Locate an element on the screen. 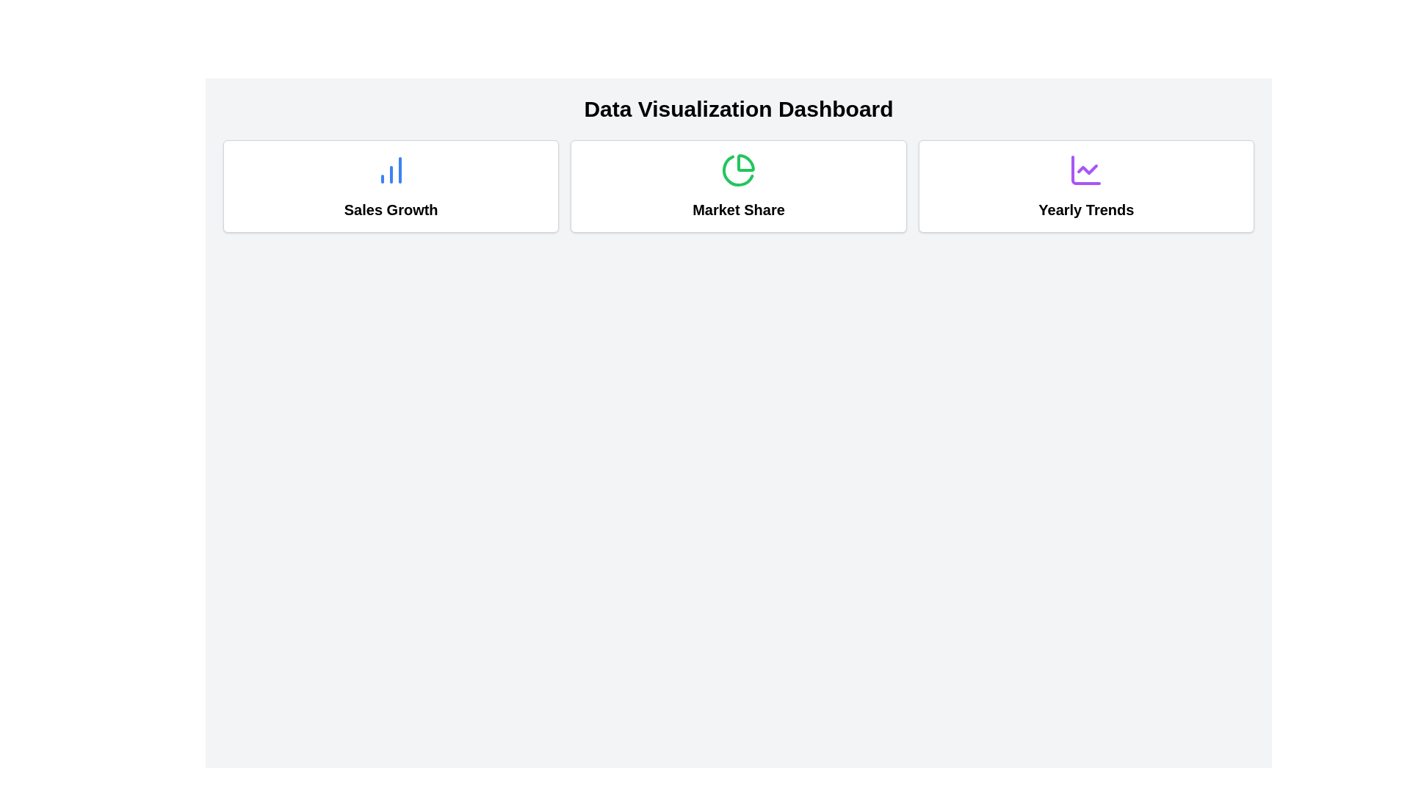 The width and height of the screenshot is (1410, 793). the third clickable card in the grid layout that directs users to a detailed view of yearly trends is located at coordinates (1086, 186).